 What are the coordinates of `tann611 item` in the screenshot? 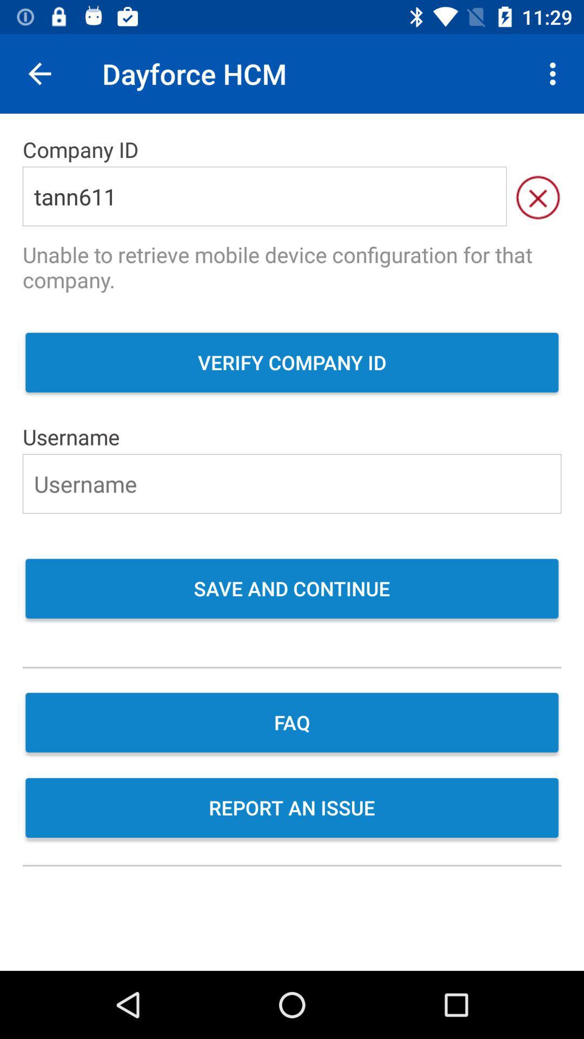 It's located at (264, 196).